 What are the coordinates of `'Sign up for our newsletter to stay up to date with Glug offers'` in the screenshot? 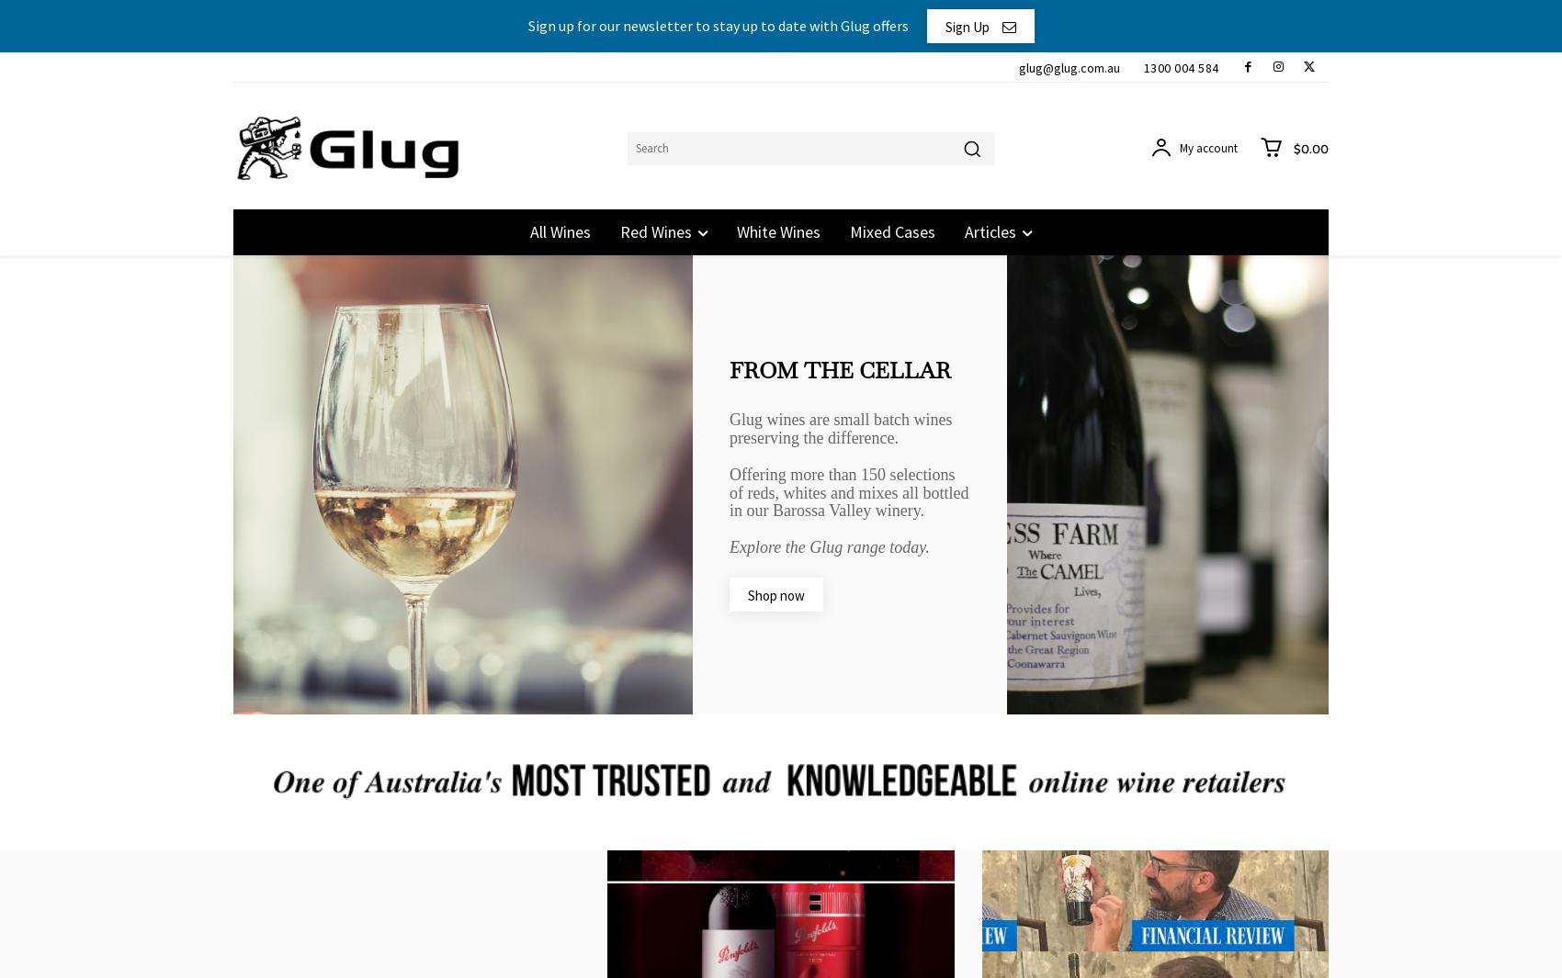 It's located at (526, 25).